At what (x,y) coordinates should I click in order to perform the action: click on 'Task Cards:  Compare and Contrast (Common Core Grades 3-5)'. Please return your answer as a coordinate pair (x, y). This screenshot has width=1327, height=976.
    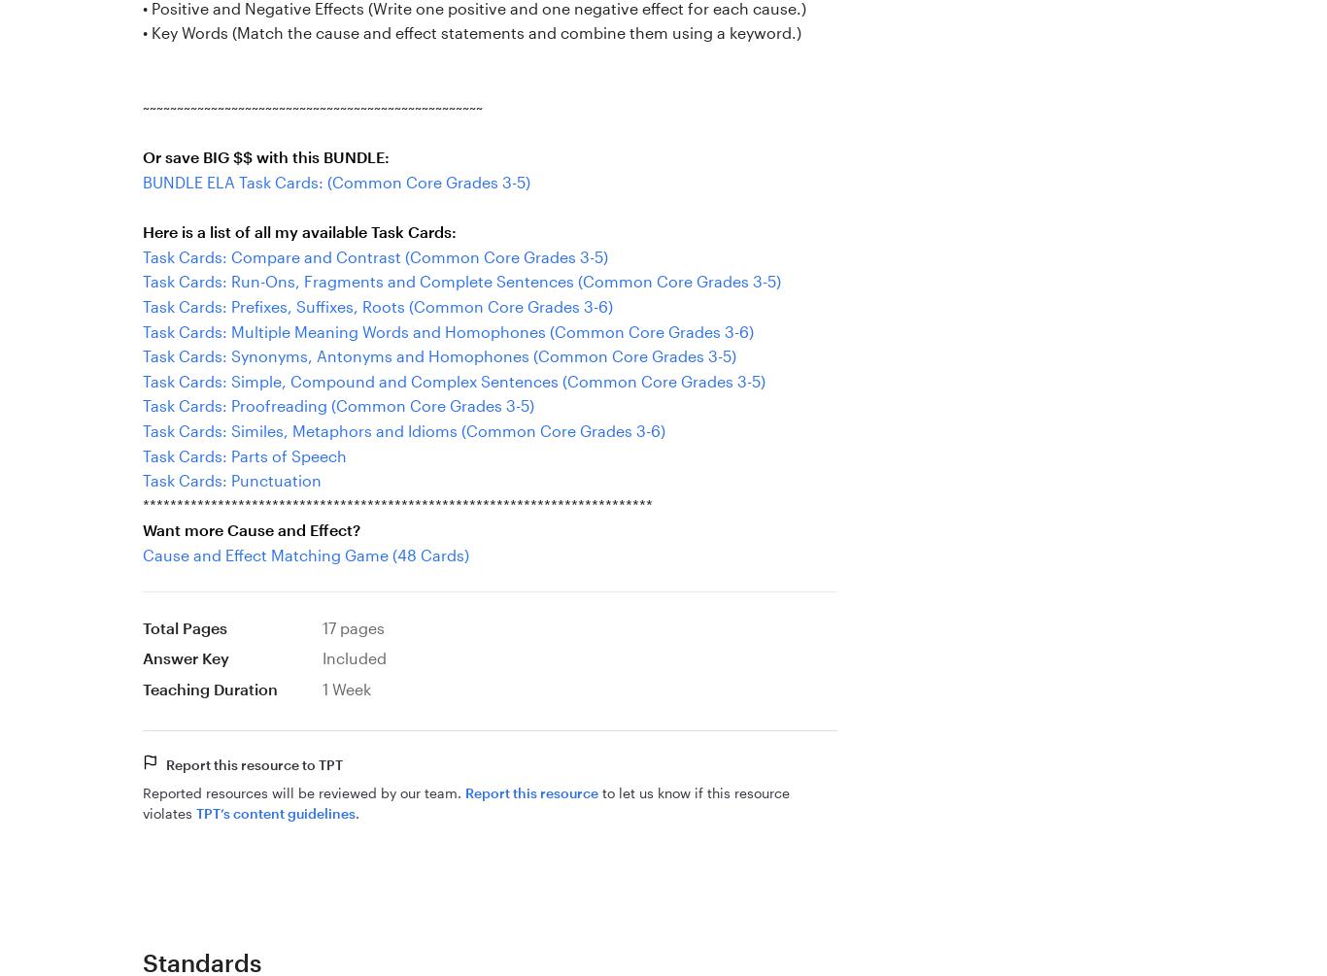
    Looking at the image, I should click on (374, 254).